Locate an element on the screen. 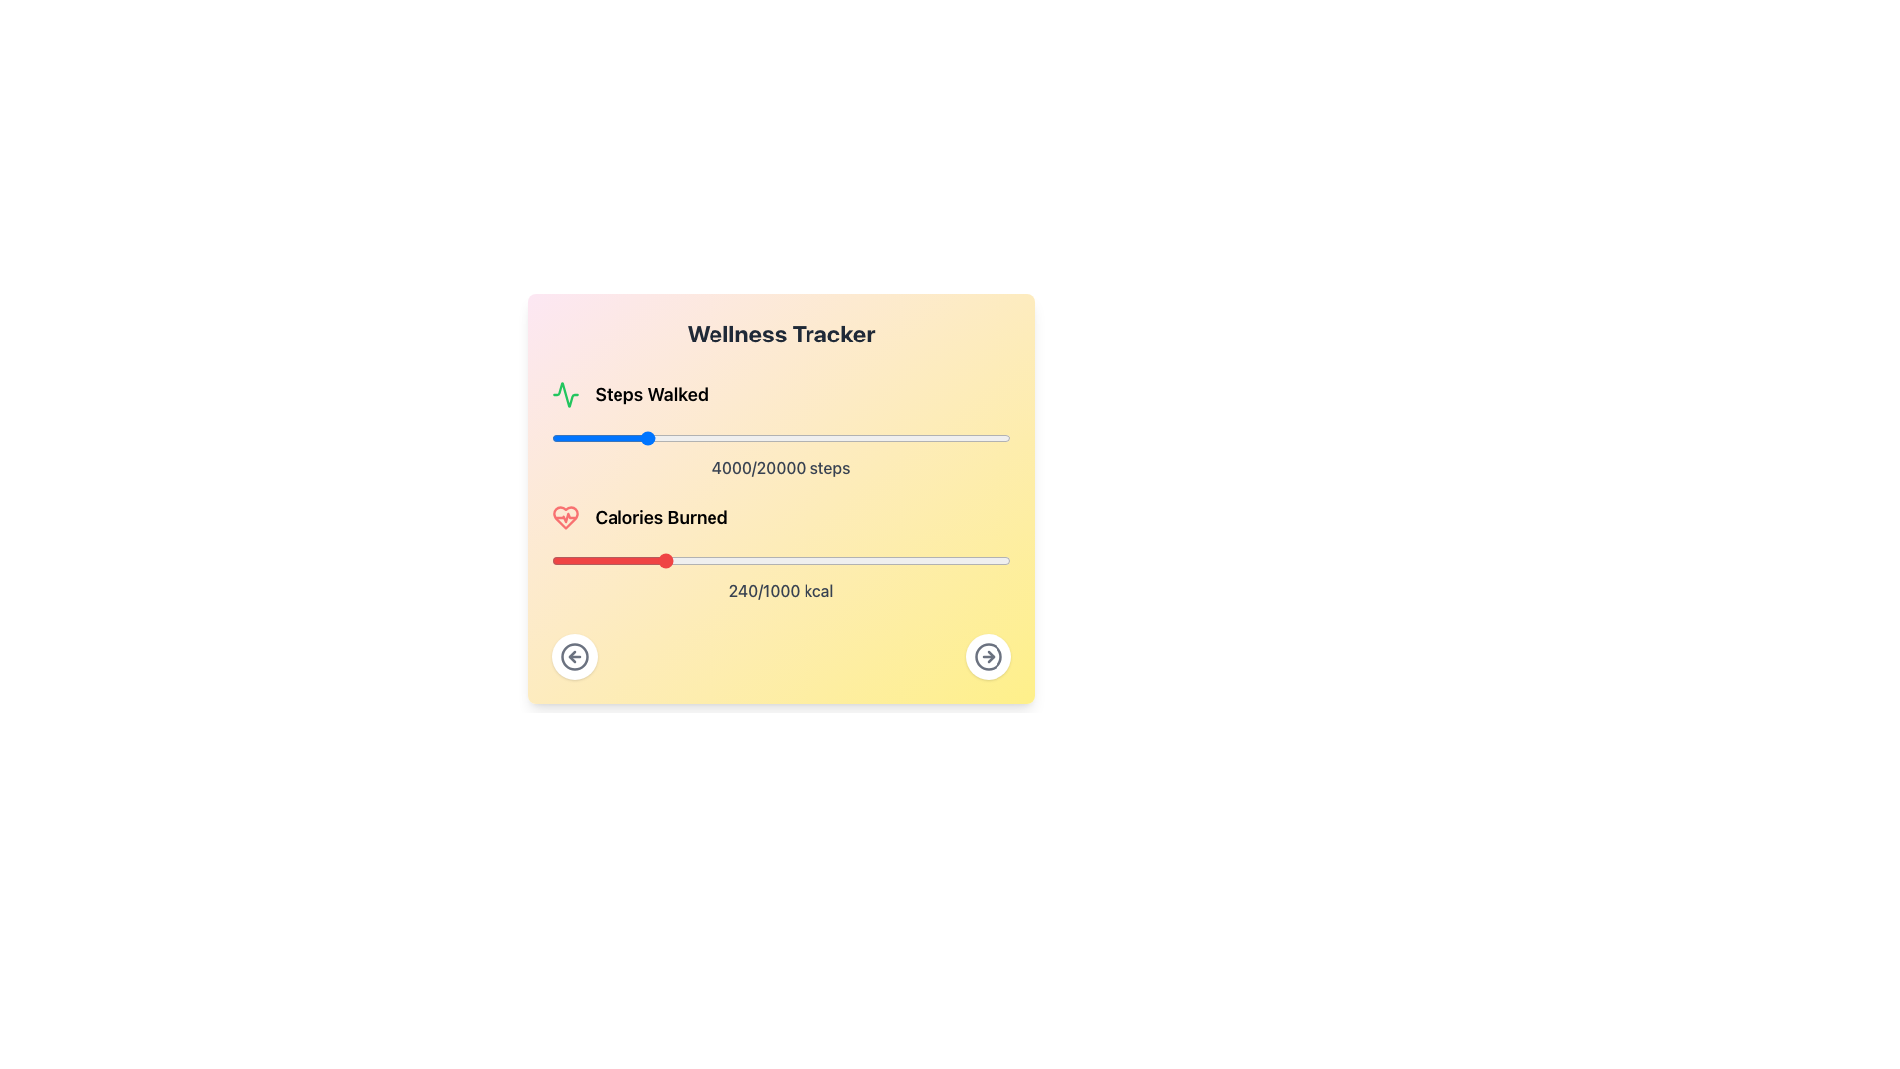 The width and height of the screenshot is (1900, 1069). calories burned slider is located at coordinates (967, 561).